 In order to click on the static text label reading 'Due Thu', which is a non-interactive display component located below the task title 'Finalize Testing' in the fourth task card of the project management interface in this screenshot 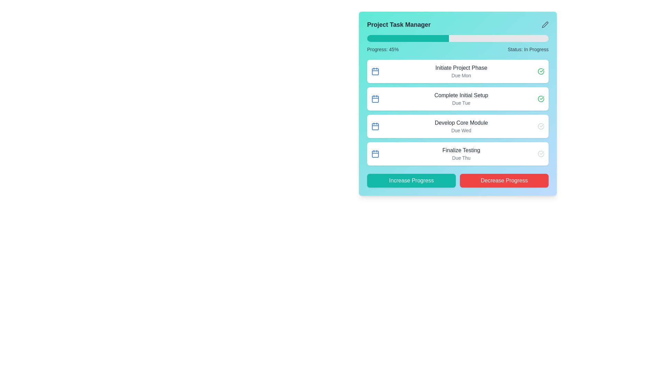, I will do `click(461, 158)`.